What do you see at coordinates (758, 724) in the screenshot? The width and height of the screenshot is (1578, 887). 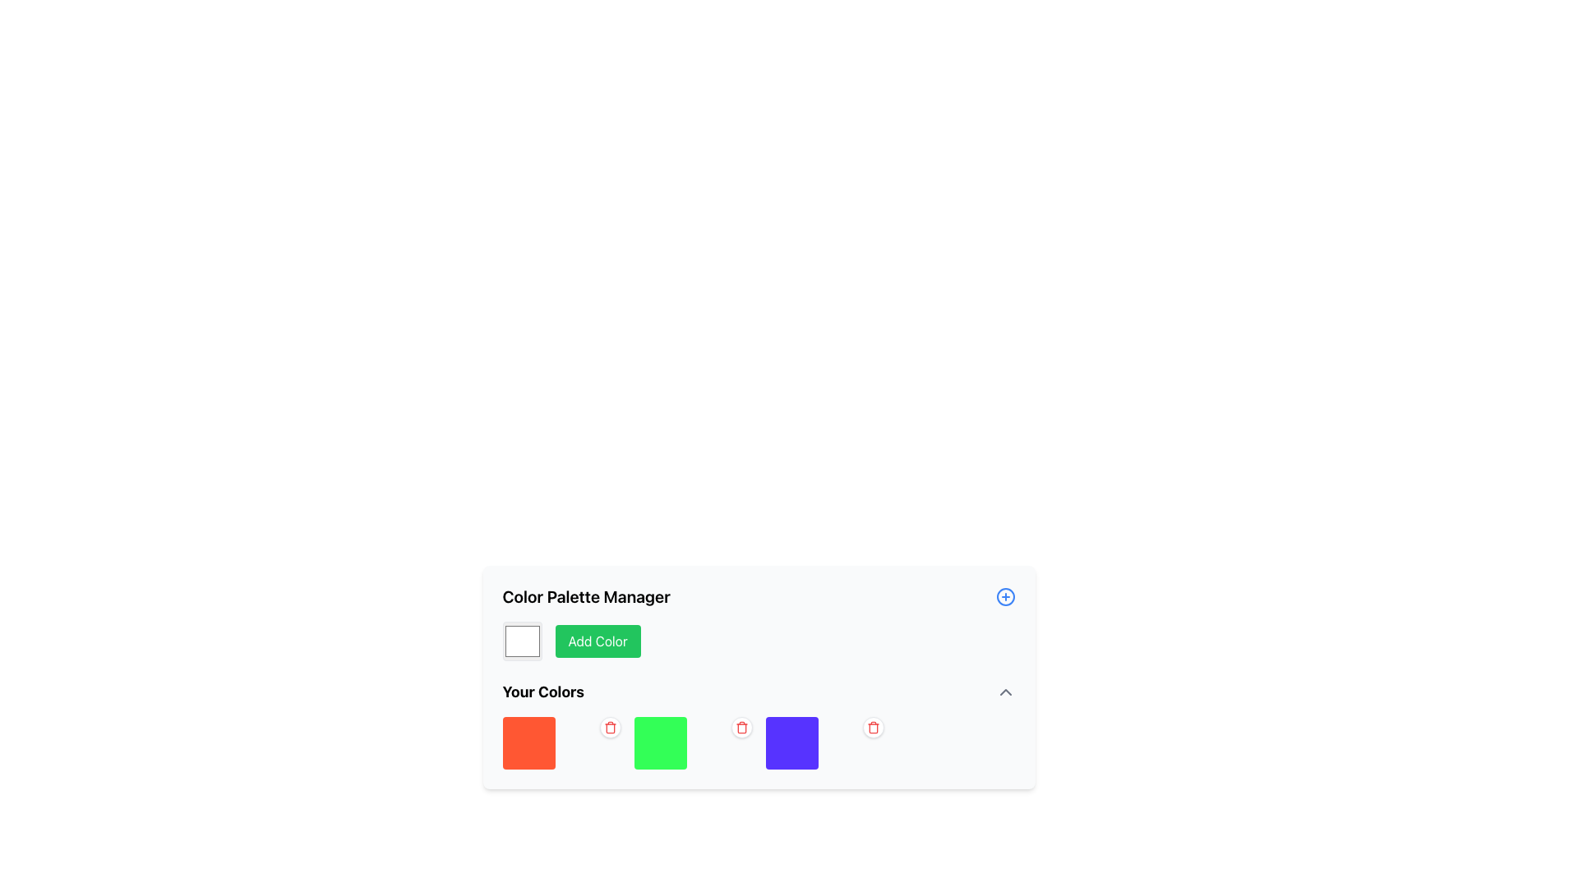 I see `the third color block from the left in the 'Your Colors' section of the Color Palette Manager, which is blue` at bounding box center [758, 724].